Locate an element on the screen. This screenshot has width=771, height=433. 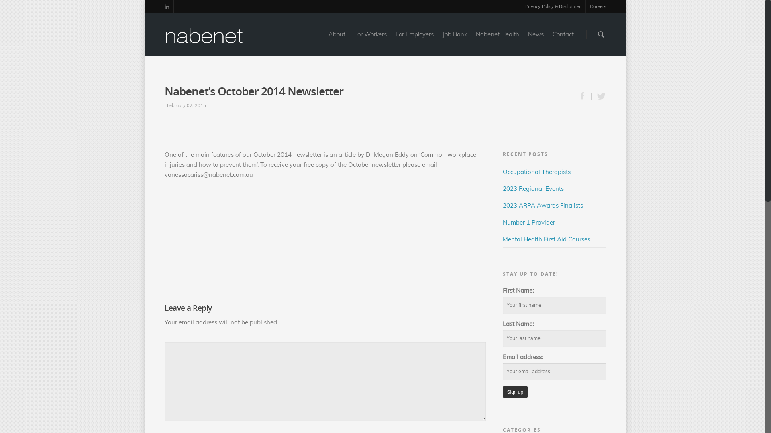
'2023 ARPA Awards Finalists' is located at coordinates (543, 204).